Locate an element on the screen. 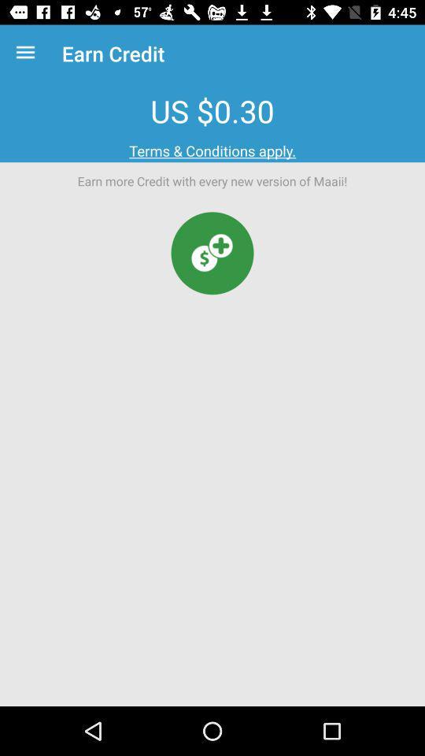  the icon at the center is located at coordinates (213, 253).